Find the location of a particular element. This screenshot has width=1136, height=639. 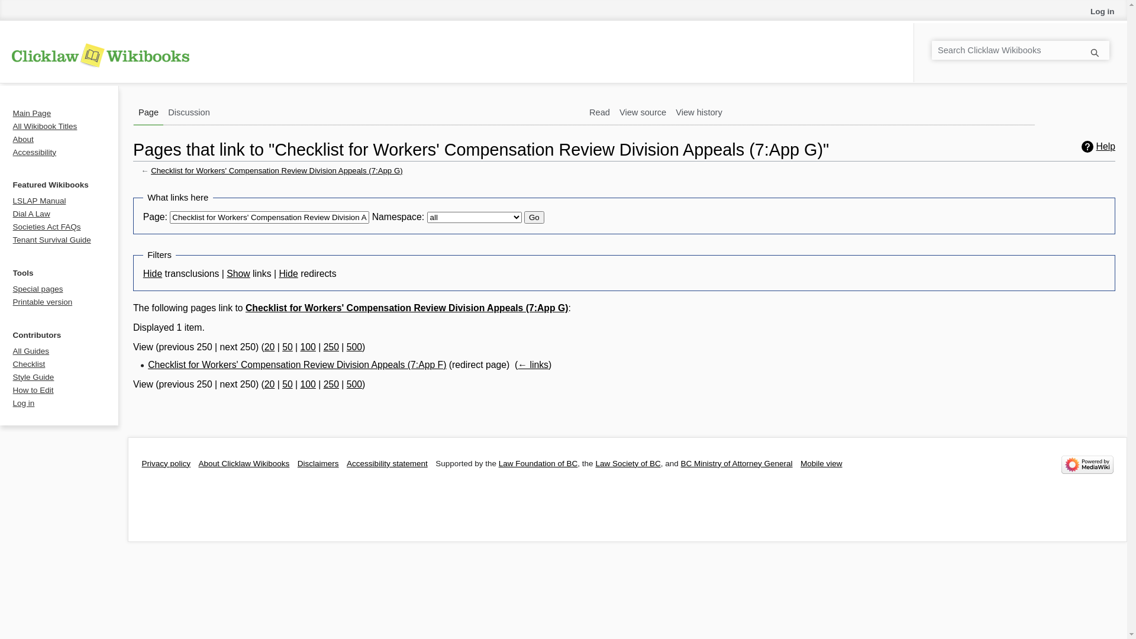

'View history' is located at coordinates (699, 110).